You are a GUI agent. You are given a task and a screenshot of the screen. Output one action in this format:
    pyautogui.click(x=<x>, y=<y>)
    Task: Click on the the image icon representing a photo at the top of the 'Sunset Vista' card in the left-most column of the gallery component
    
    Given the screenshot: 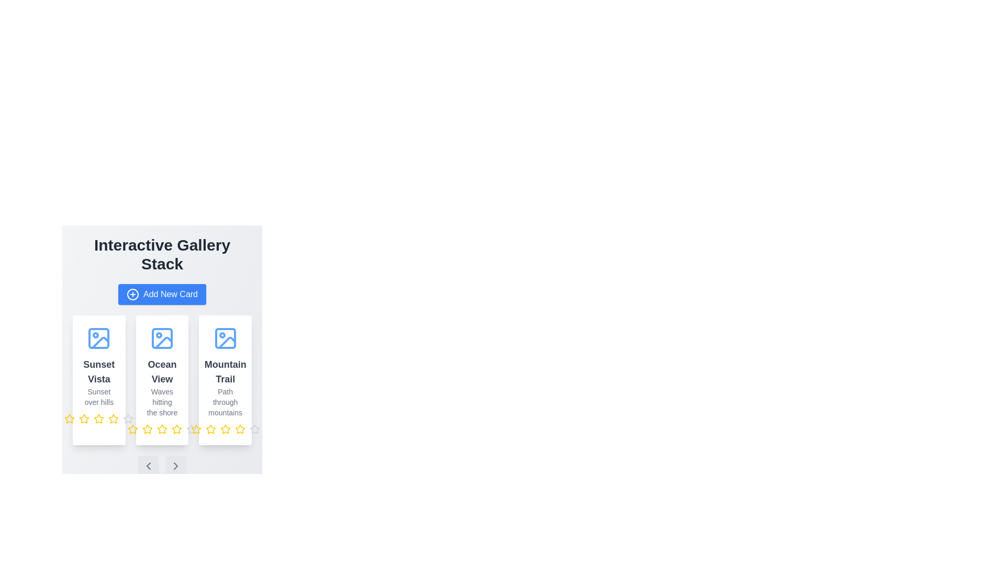 What is the action you would take?
    pyautogui.click(x=98, y=338)
    